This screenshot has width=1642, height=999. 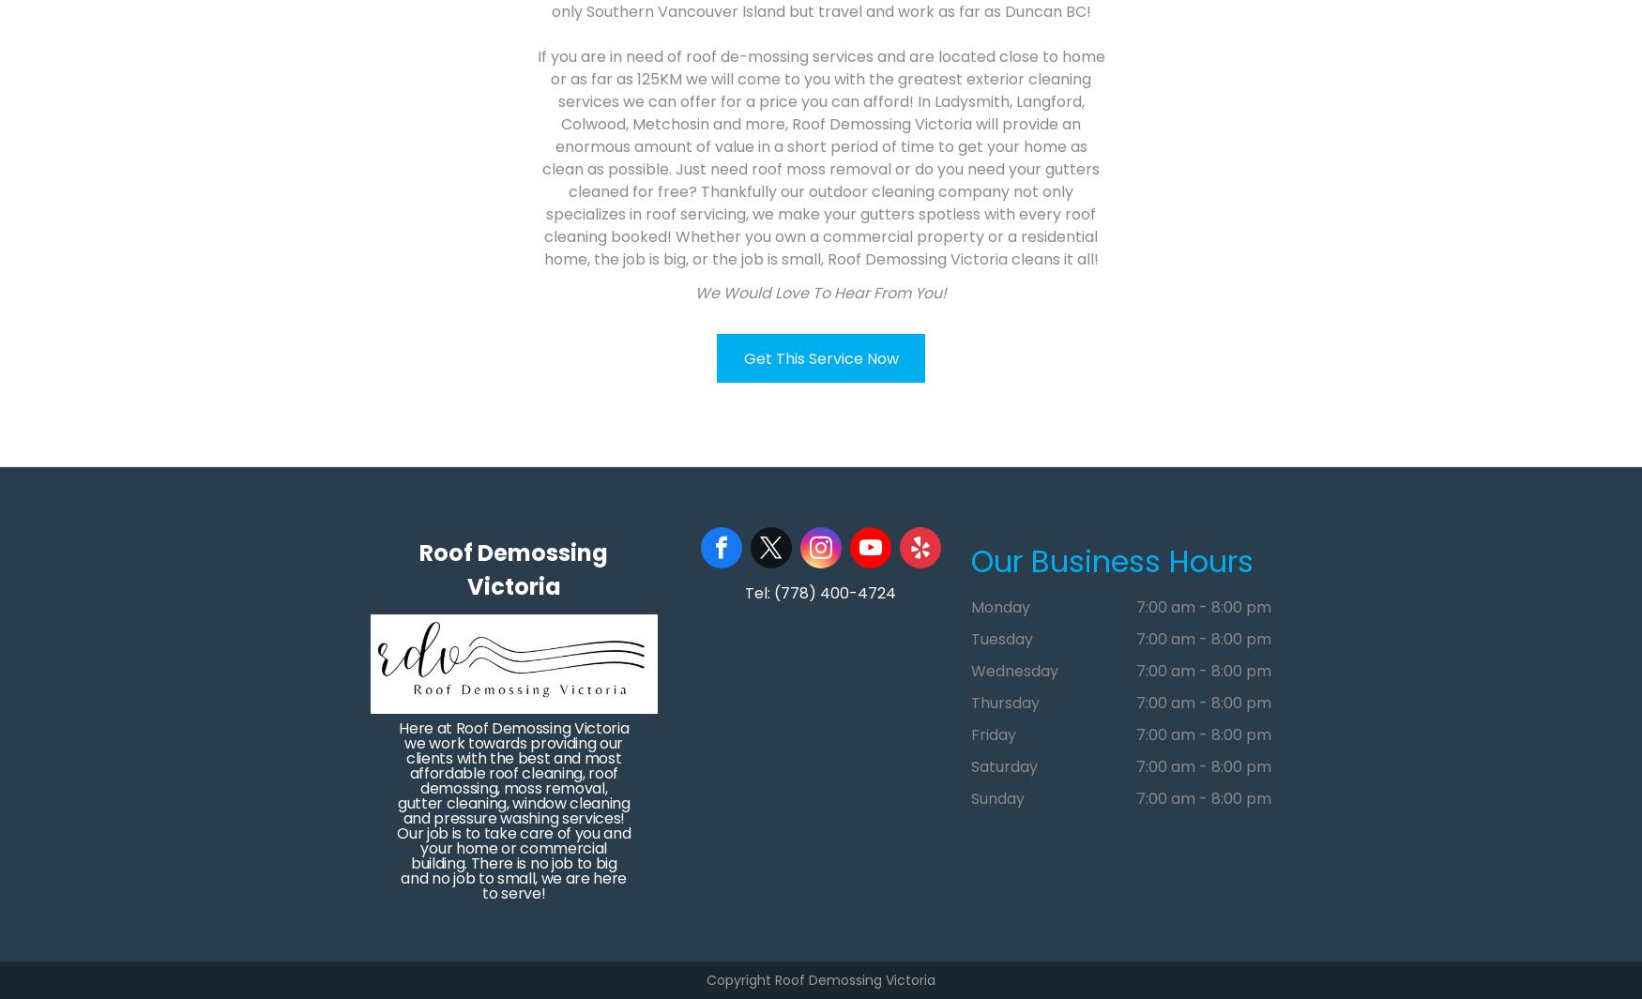 I want to click on 'Friday', so click(x=992, y=734).